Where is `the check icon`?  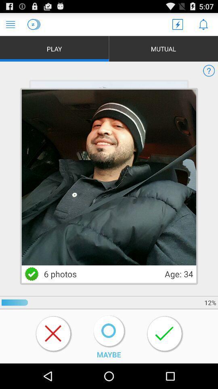
the check icon is located at coordinates (31, 293).